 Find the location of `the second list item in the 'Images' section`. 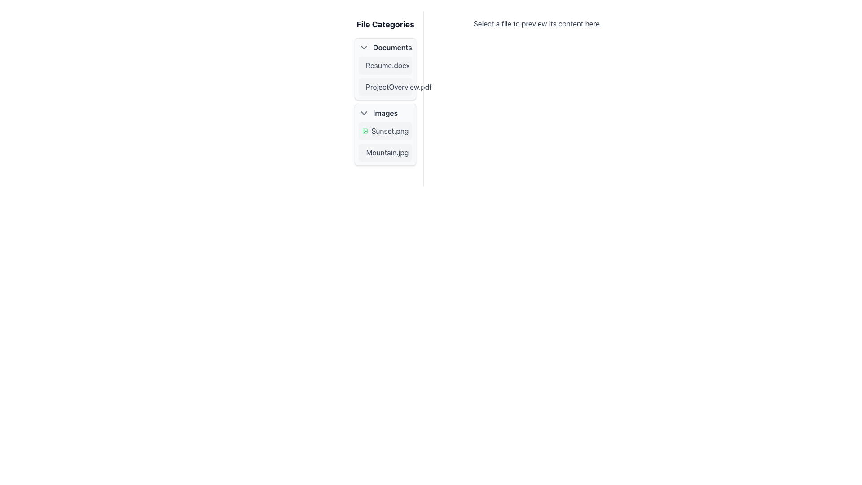

the second list item in the 'Images' section is located at coordinates (385, 141).